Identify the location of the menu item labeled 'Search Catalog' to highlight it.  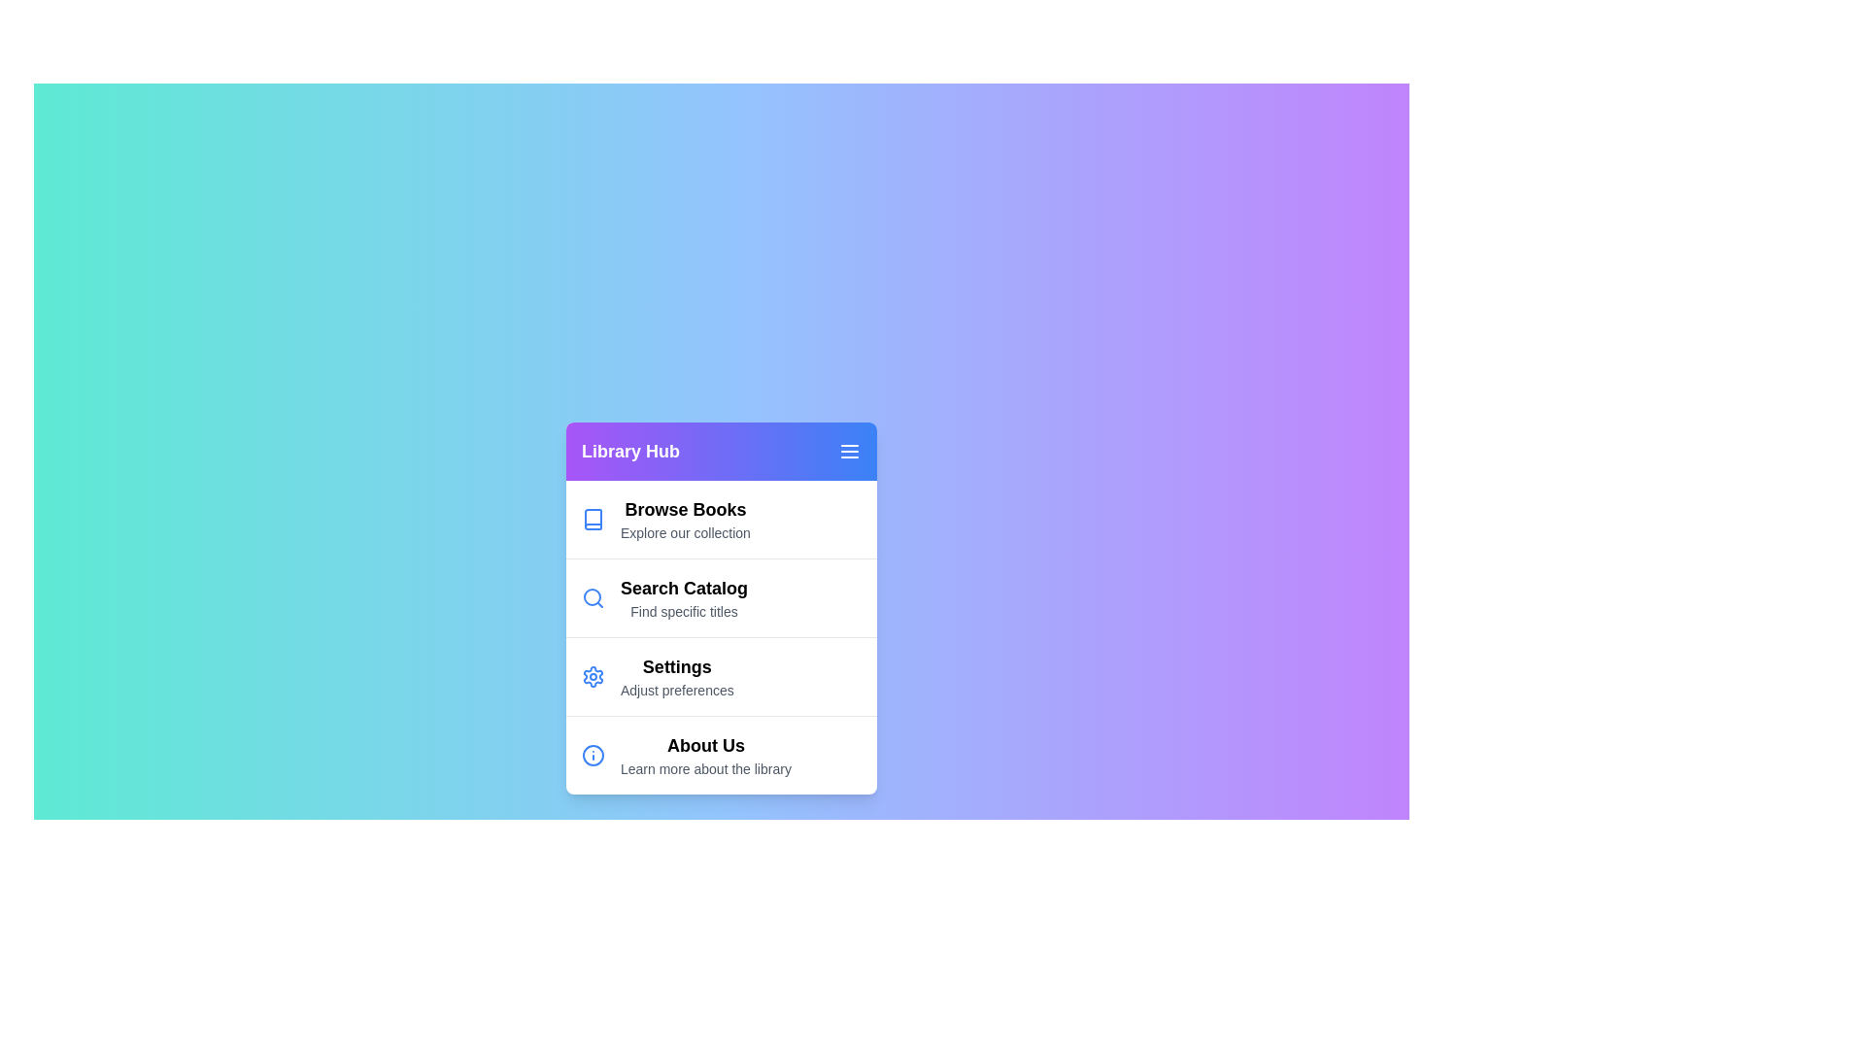
(721, 595).